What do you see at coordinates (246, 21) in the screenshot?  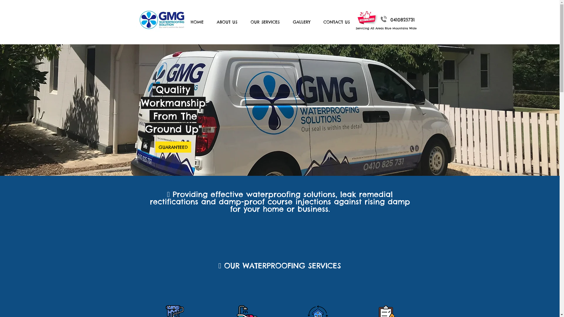 I see `'OUR SERVICES'` at bounding box center [246, 21].